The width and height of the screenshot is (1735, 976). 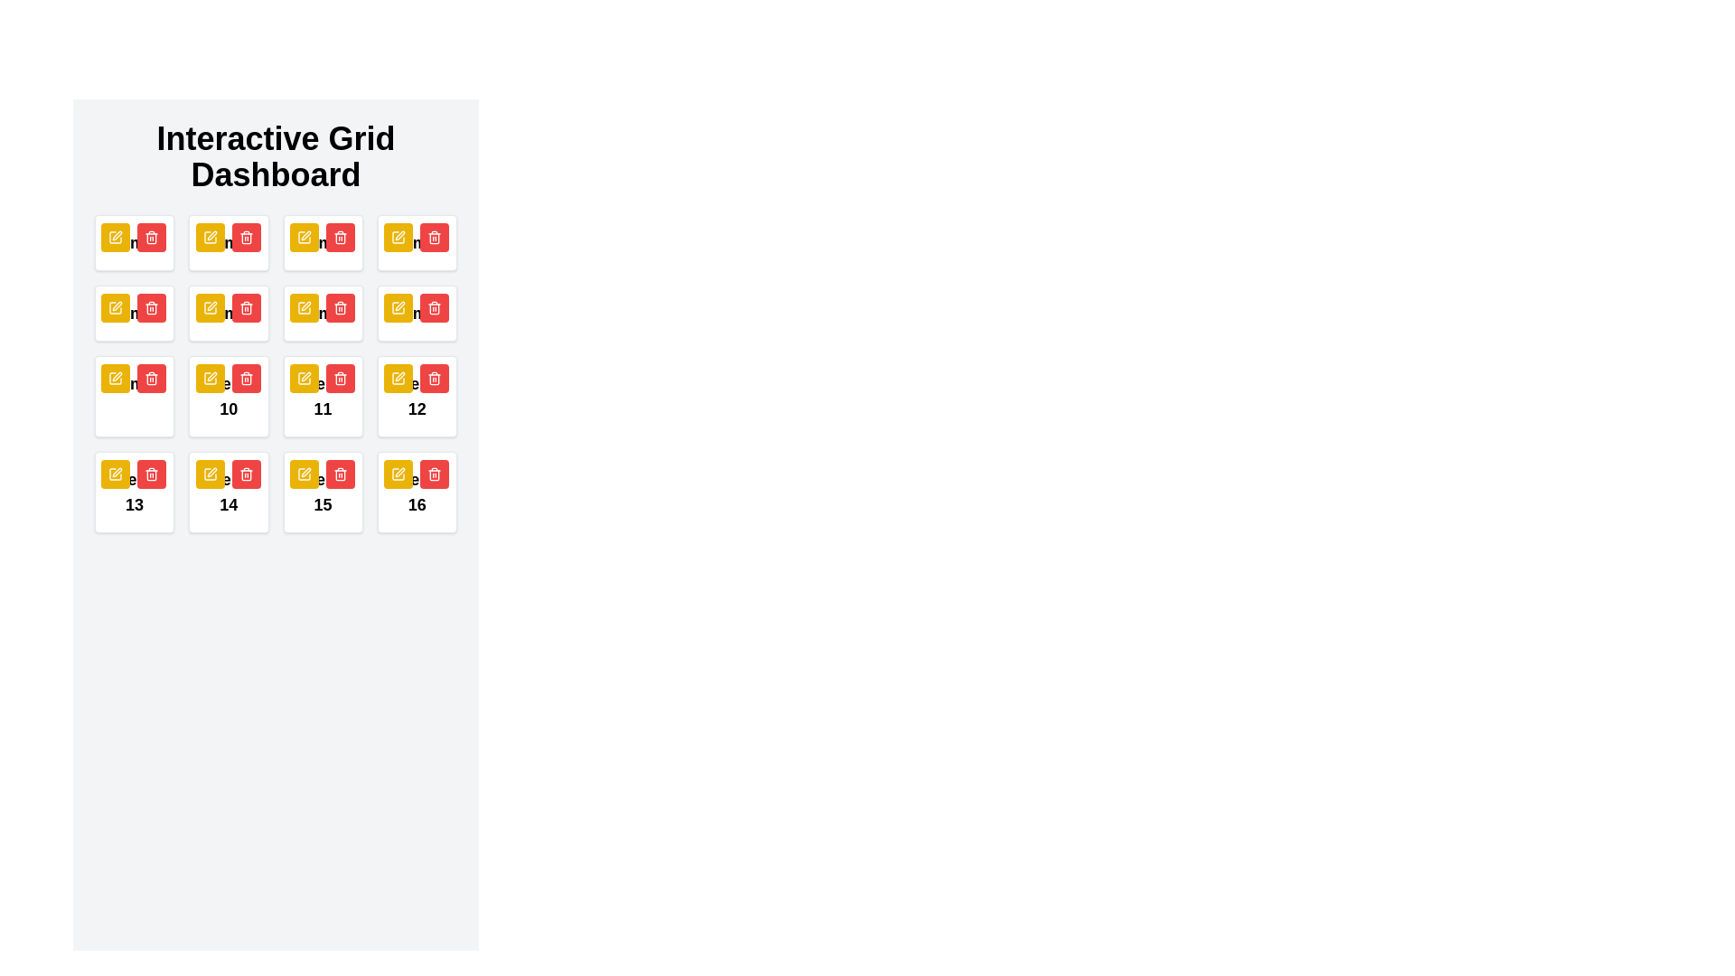 I want to click on the decorative graphic element within the SVG icon for the edit button of the cell labeled '11', so click(x=304, y=306).